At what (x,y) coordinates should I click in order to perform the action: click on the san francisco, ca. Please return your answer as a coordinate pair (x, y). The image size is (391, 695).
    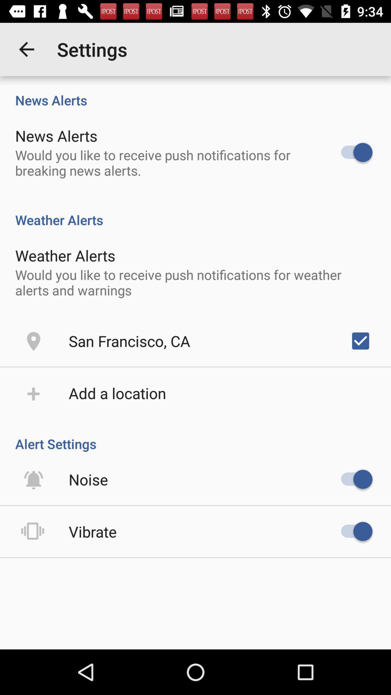
    Looking at the image, I should click on (129, 340).